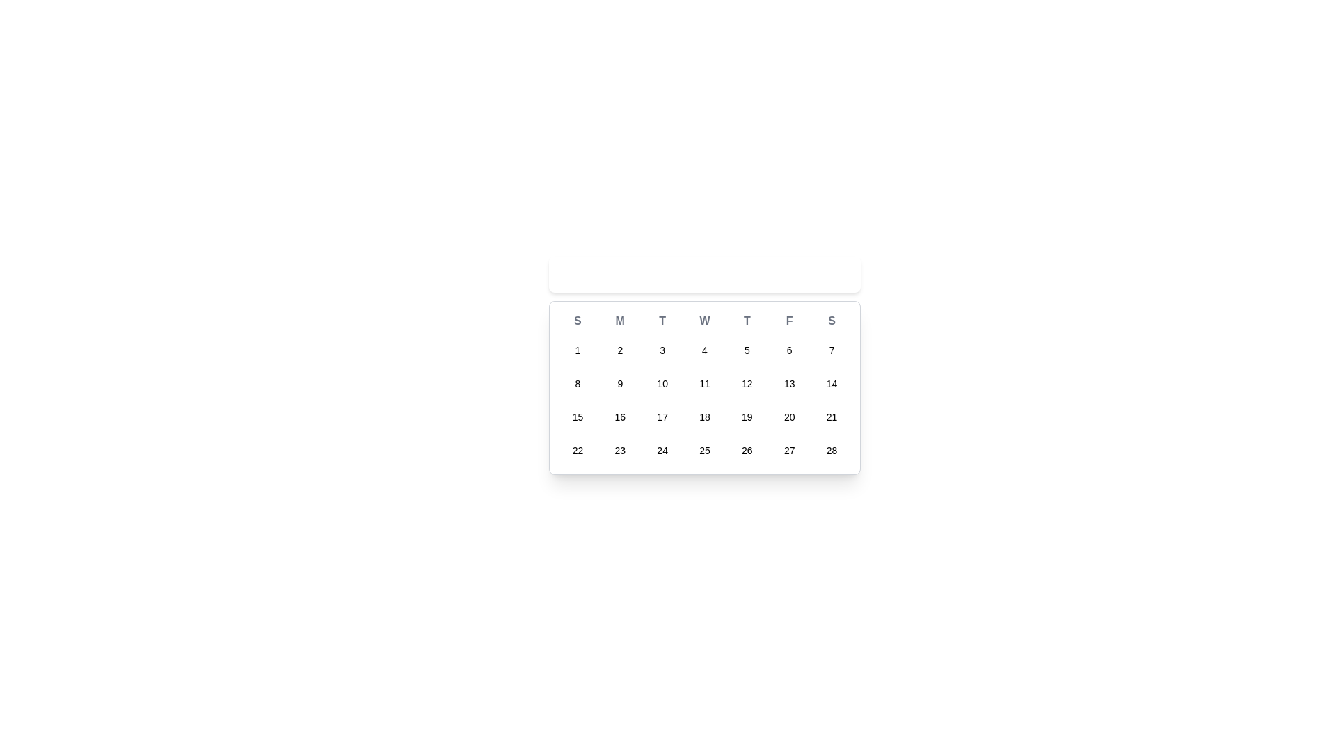 The image size is (1336, 751). What do you see at coordinates (832, 350) in the screenshot?
I see `the calendar date button representing the 7th day of the month, located under the 'S' weekday header` at bounding box center [832, 350].